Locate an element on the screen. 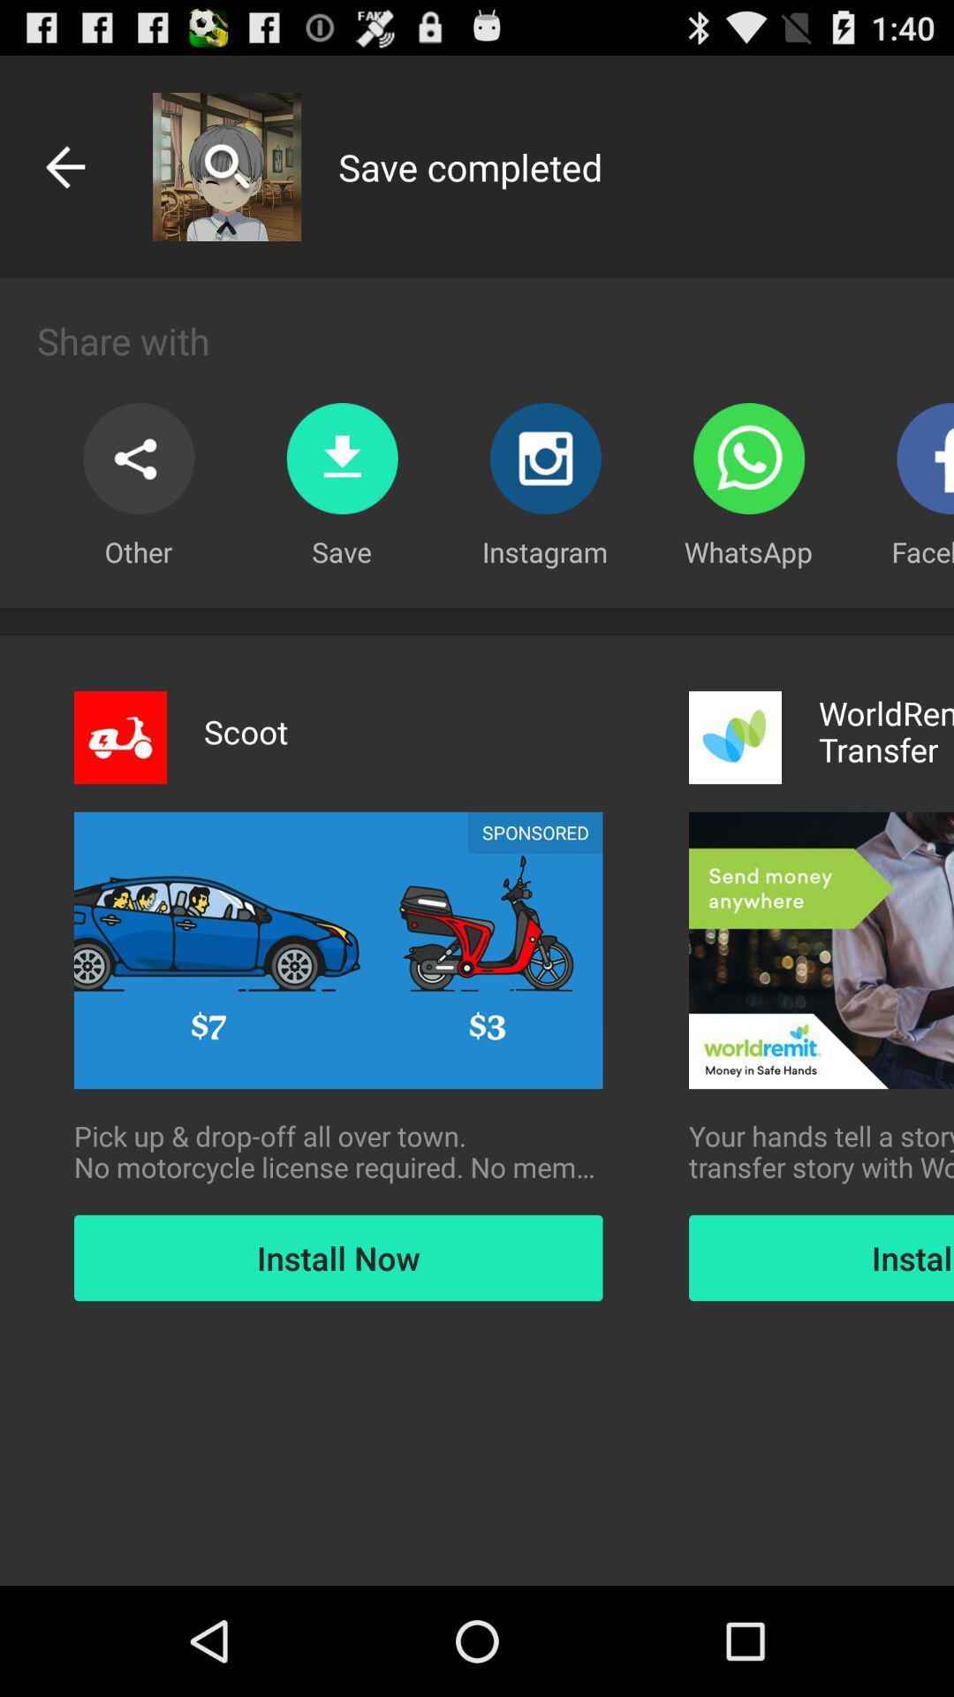 The height and width of the screenshot is (1697, 954). the icon to the left of your hands tell icon is located at coordinates (338, 1152).